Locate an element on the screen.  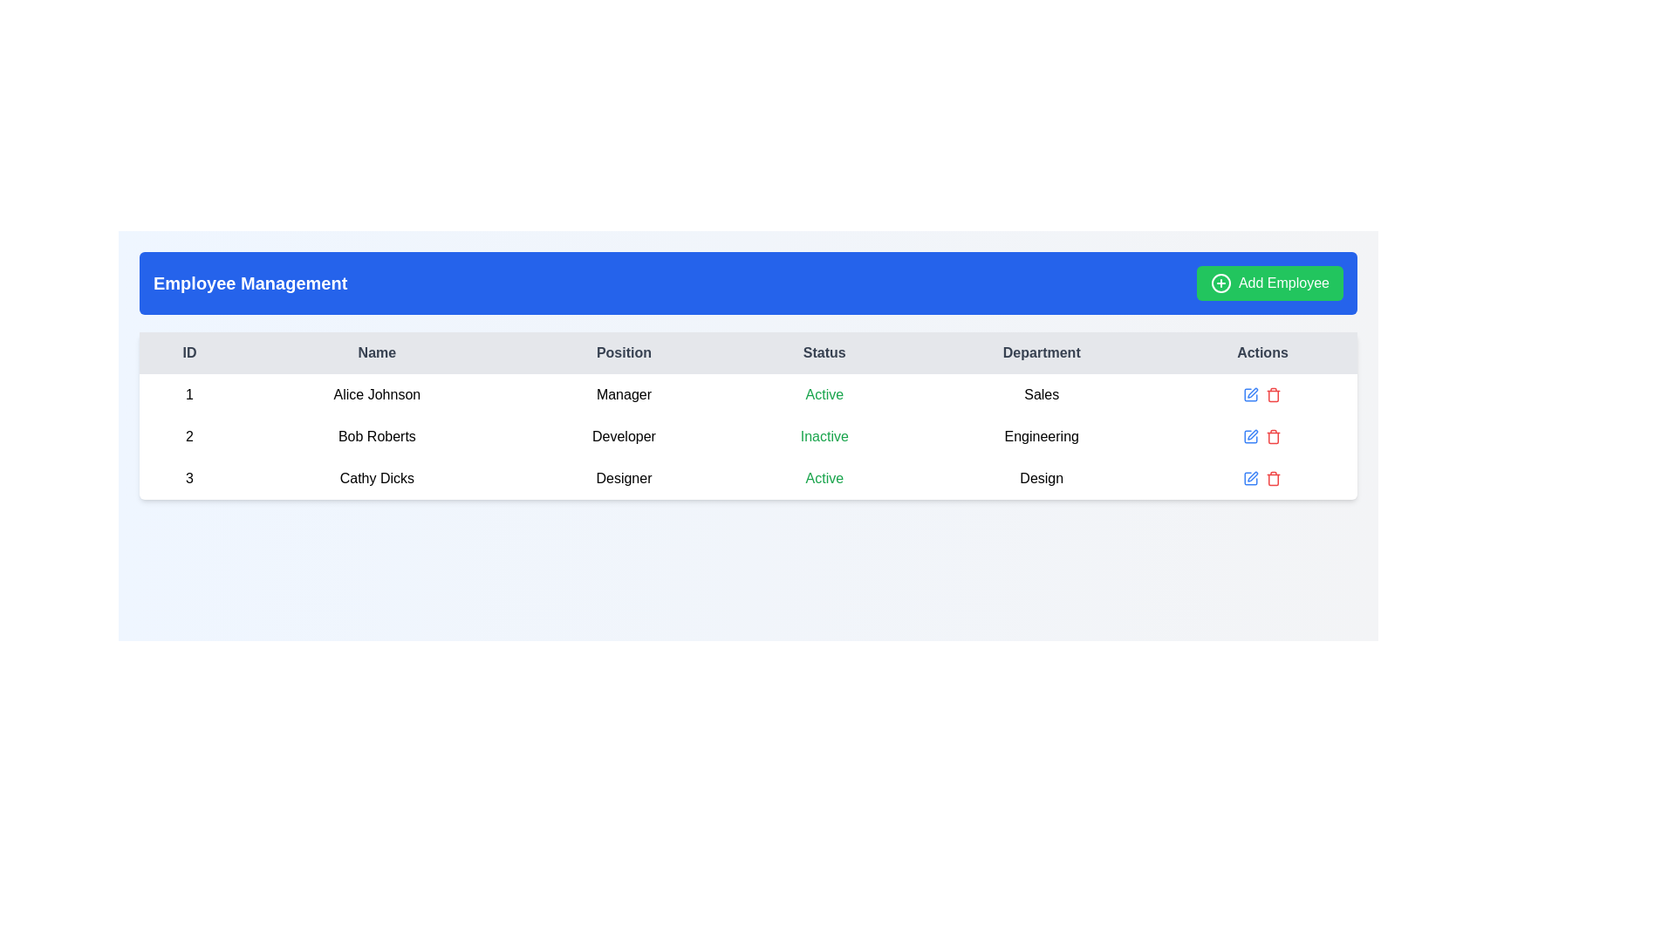
the text label indicating the job title of employee 'Cathy Dicks' in the 'Position' column of the table is located at coordinates (624, 478).